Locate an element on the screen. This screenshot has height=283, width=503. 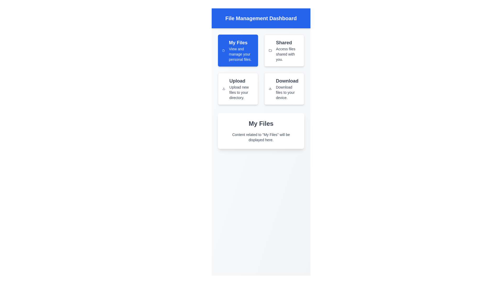
descriptive text label located beneath the bold title 'Download' in the fourth card of the grid layout is located at coordinates (287, 92).